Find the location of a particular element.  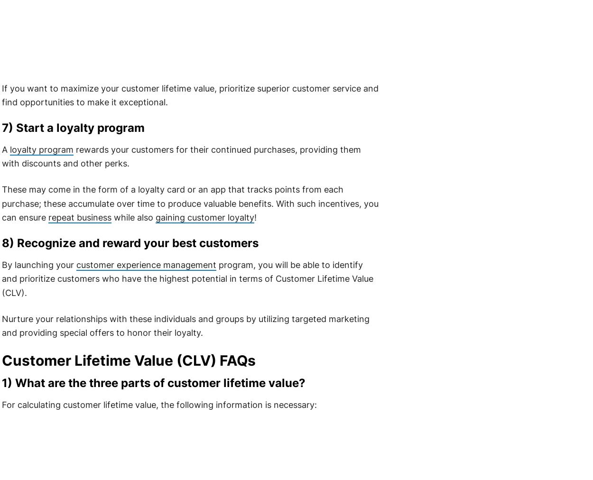

'rewards your customers for their continued purchases, providing them with discounts and other perks.' is located at coordinates (181, 156).